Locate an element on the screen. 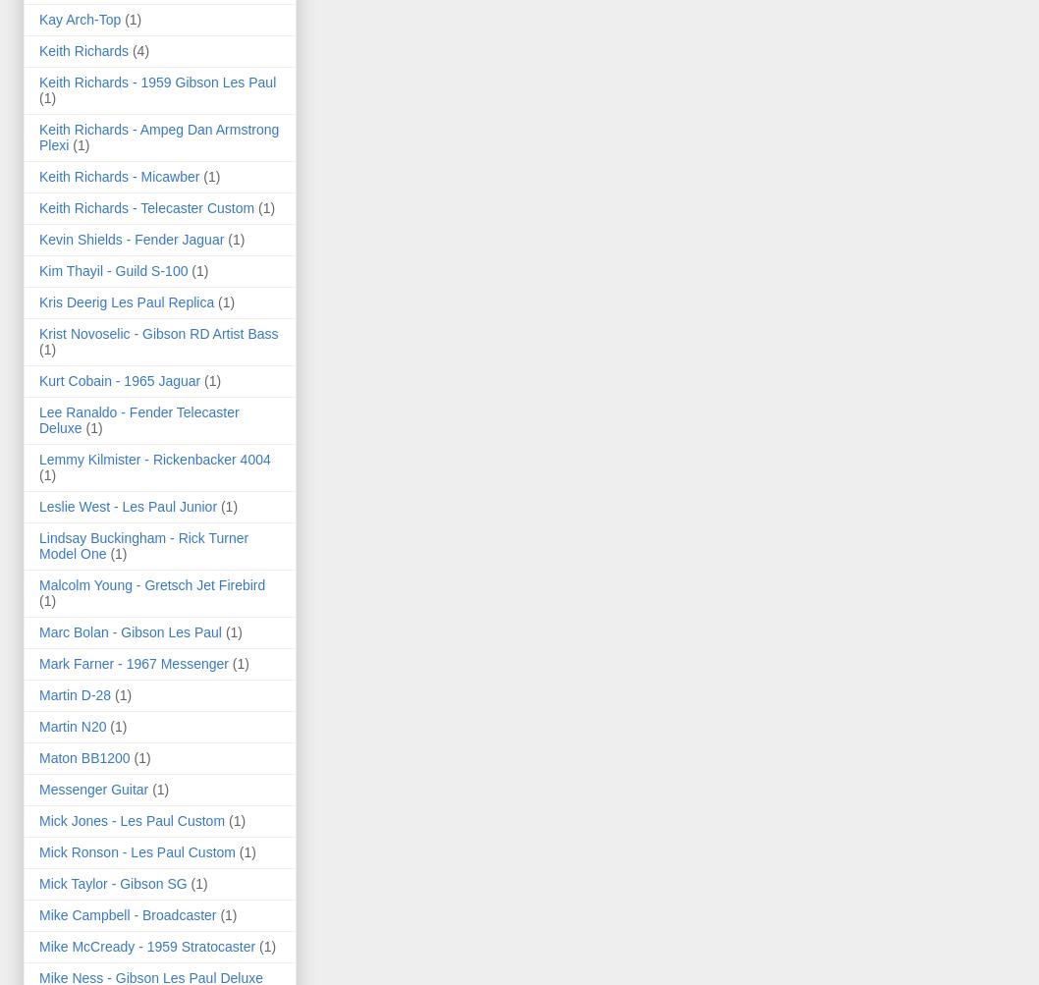 This screenshot has height=985, width=1039. 'Martin N20' is located at coordinates (72, 725).